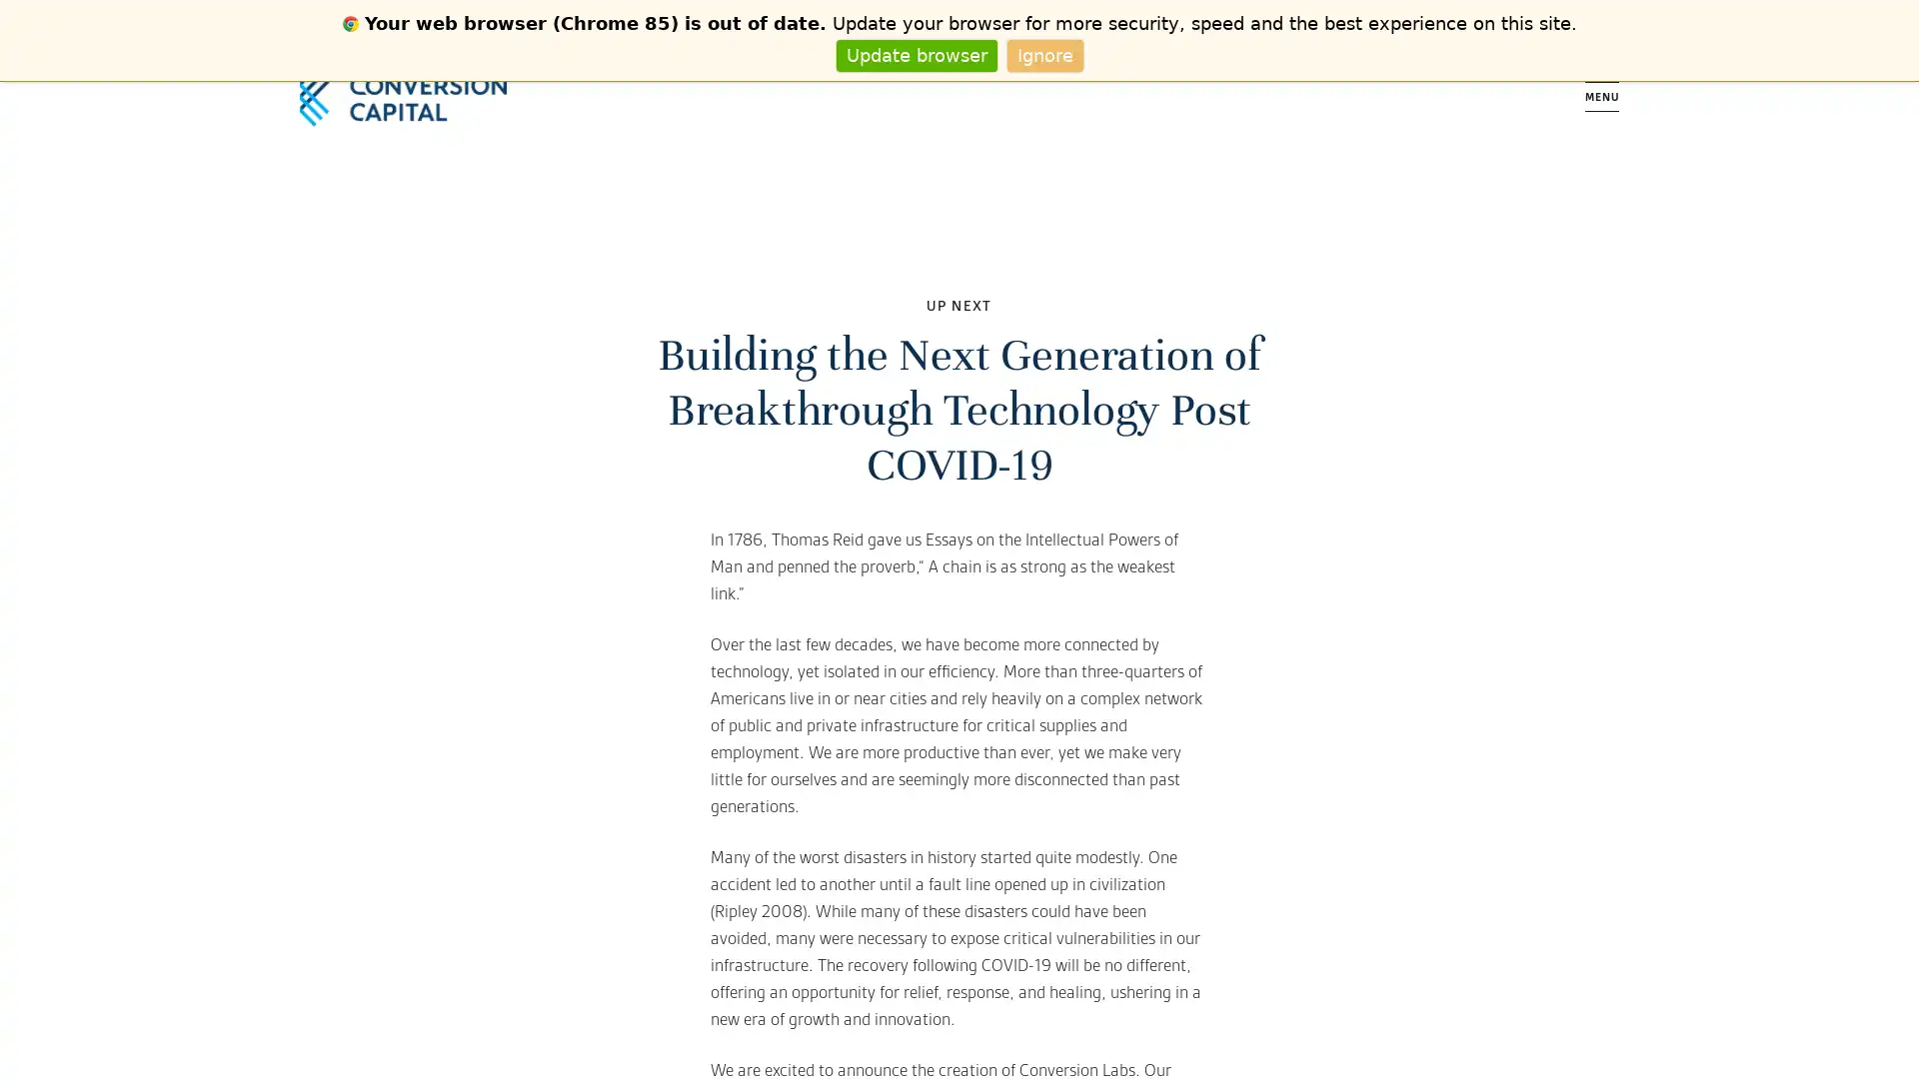 The height and width of the screenshot is (1079, 1919). Describe the element at coordinates (1043, 54) in the screenshot. I see `Ignore` at that location.